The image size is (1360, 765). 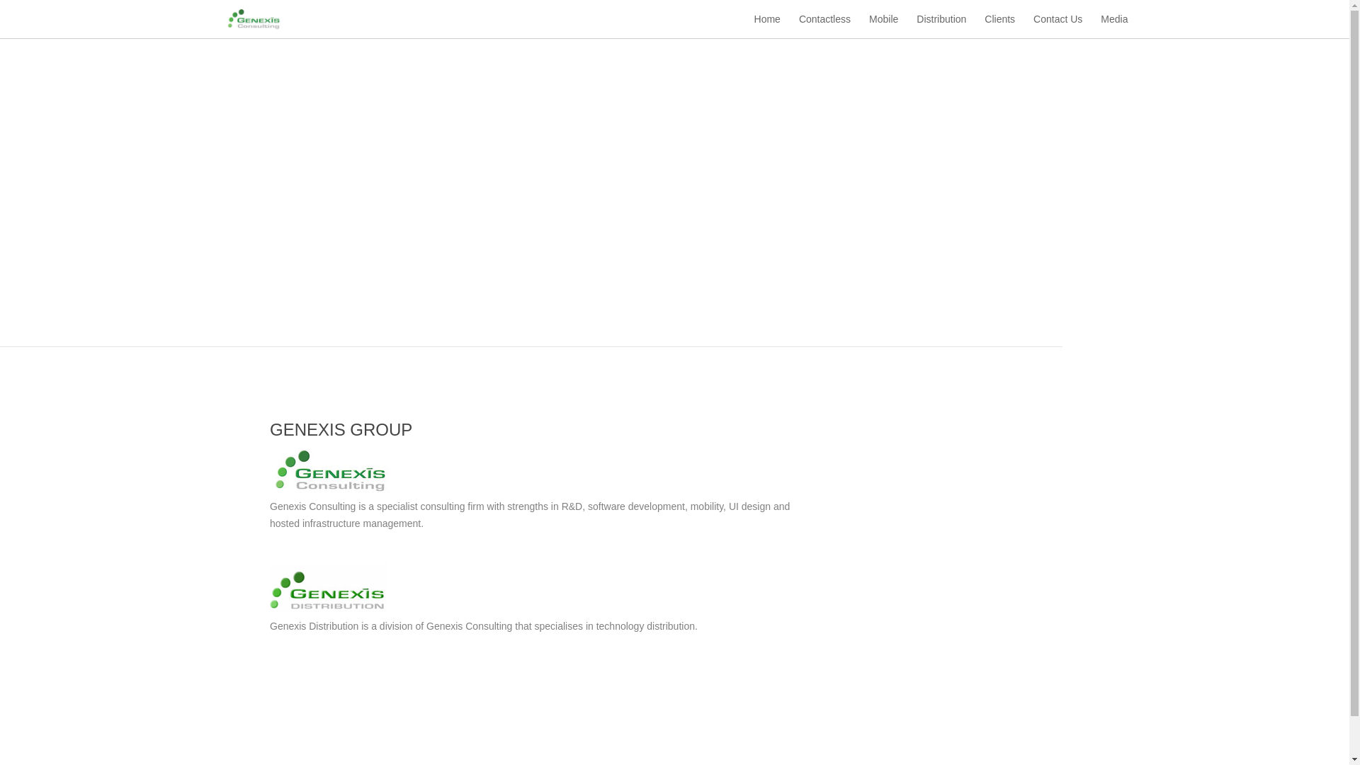 I want to click on 'Contact Us', so click(x=1058, y=26).